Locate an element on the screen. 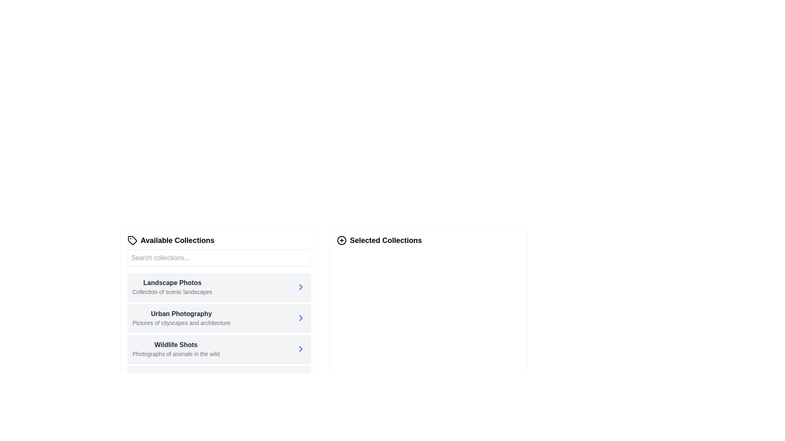 The image size is (785, 441). the 'Urban Photography' text label within the 'Available Collections' list is located at coordinates (181, 318).